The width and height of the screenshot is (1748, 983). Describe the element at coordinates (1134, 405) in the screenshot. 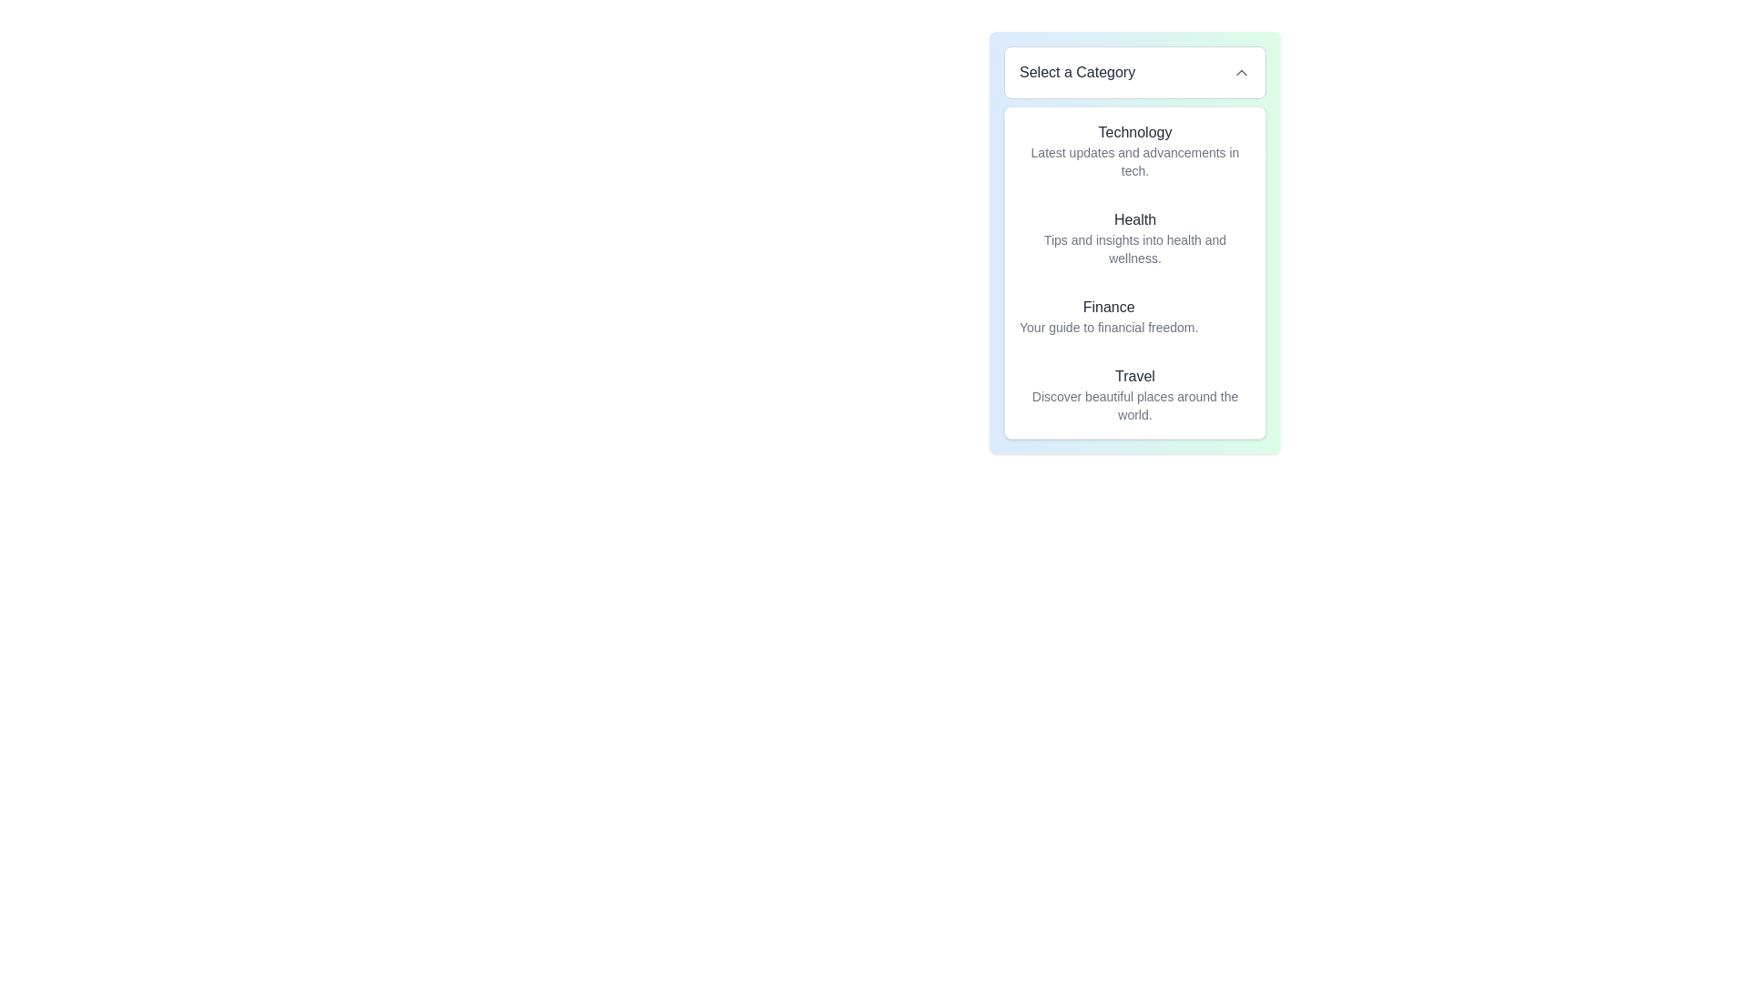

I see `text element that describes beautiful places around the world, which is styled in light gray and smaller font, located below the title 'Travel'` at that location.